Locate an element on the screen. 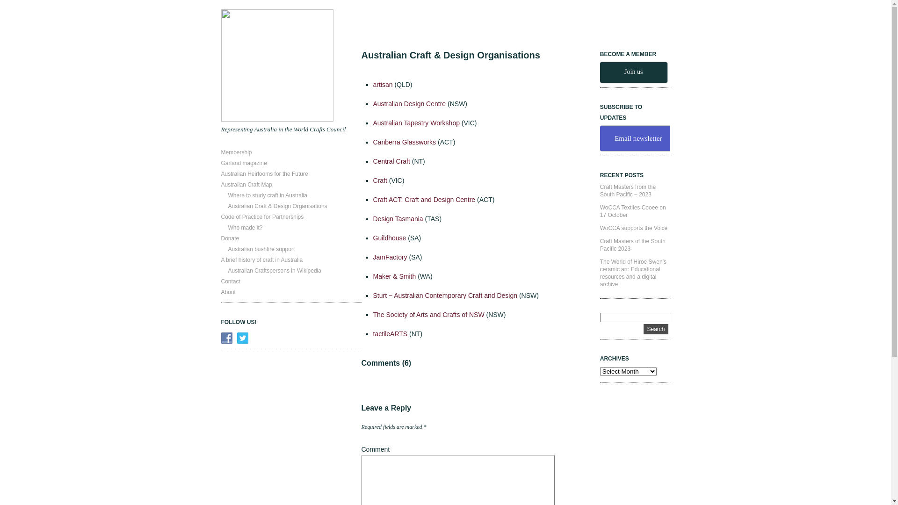  'Donate' is located at coordinates (230, 238).